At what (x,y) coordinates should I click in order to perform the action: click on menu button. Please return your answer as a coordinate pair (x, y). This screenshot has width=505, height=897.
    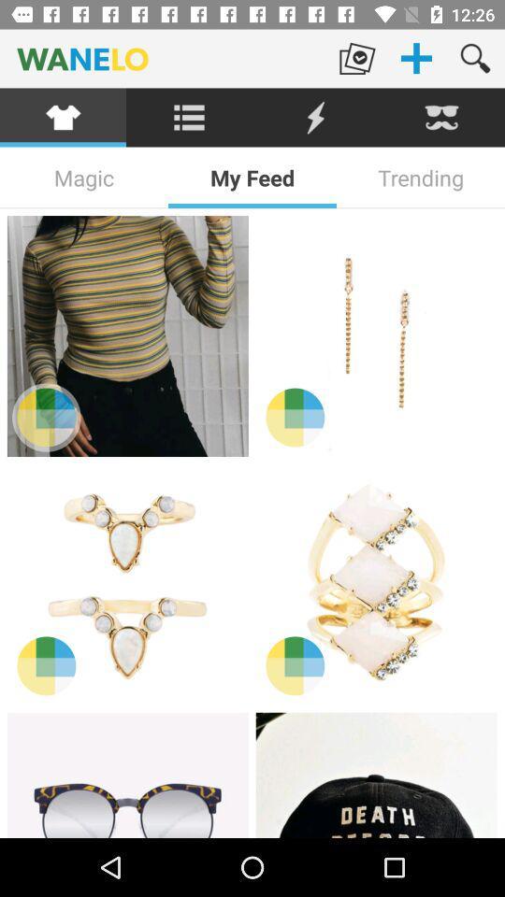
    Looking at the image, I should click on (189, 117).